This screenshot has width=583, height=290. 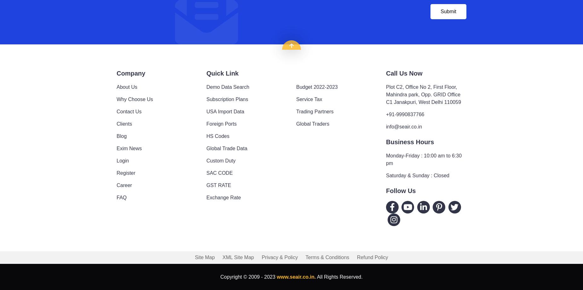 I want to click on 'Follow Us', so click(x=386, y=190).